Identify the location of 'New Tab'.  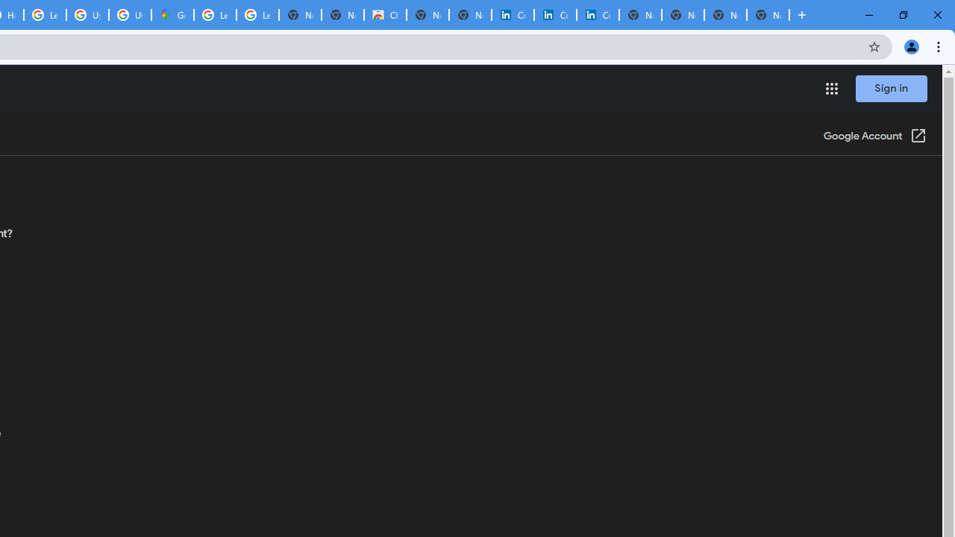
(768, 15).